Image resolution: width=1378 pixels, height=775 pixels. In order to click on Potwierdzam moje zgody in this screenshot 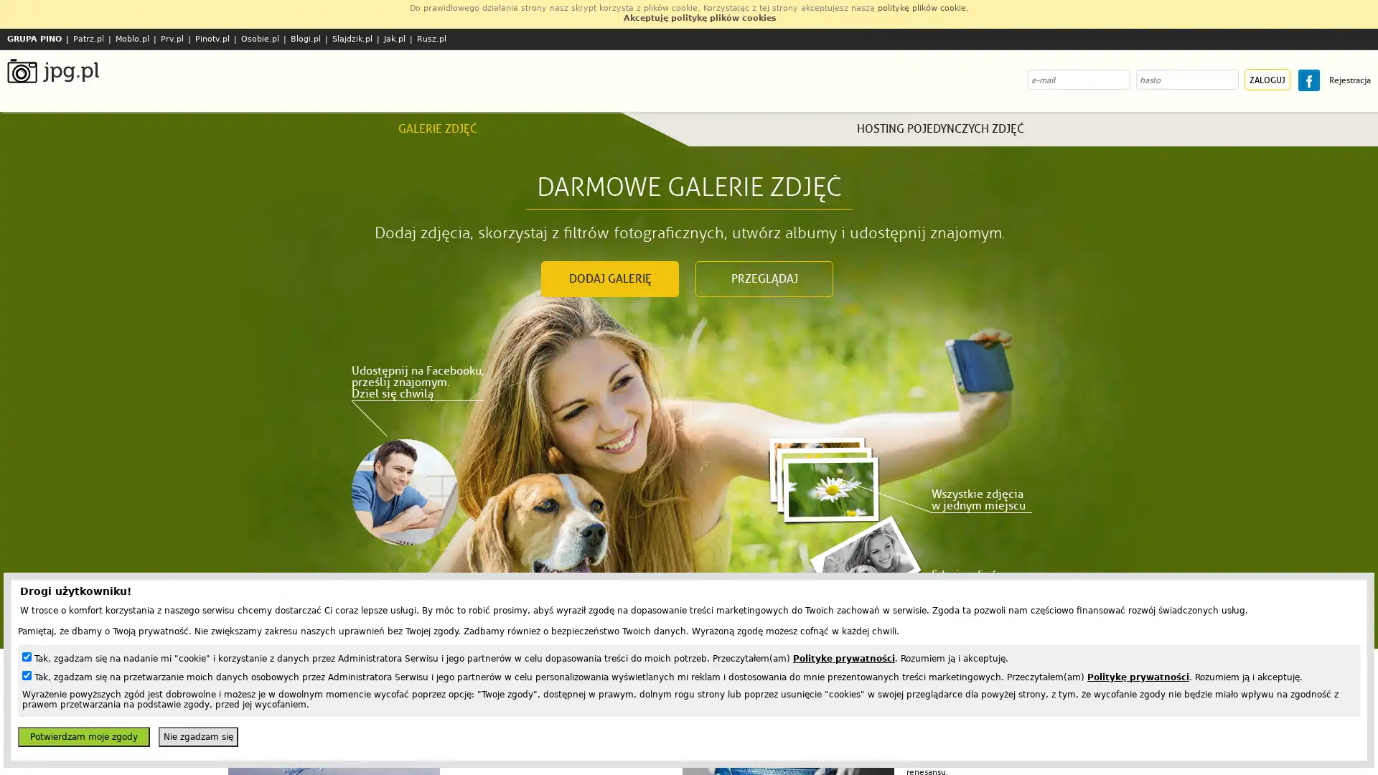, I will do `click(83, 736)`.